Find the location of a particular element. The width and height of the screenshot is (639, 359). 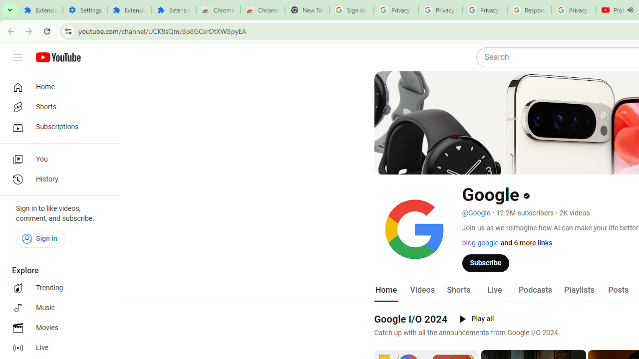

'You' is located at coordinates (56, 159).